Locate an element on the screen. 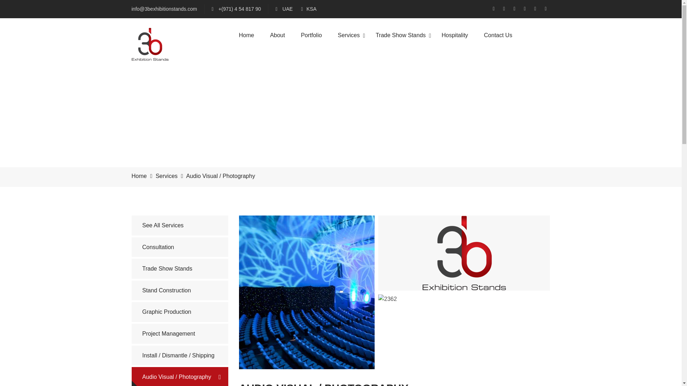 The height and width of the screenshot is (386, 687). 'Consultation' is located at coordinates (180, 247).